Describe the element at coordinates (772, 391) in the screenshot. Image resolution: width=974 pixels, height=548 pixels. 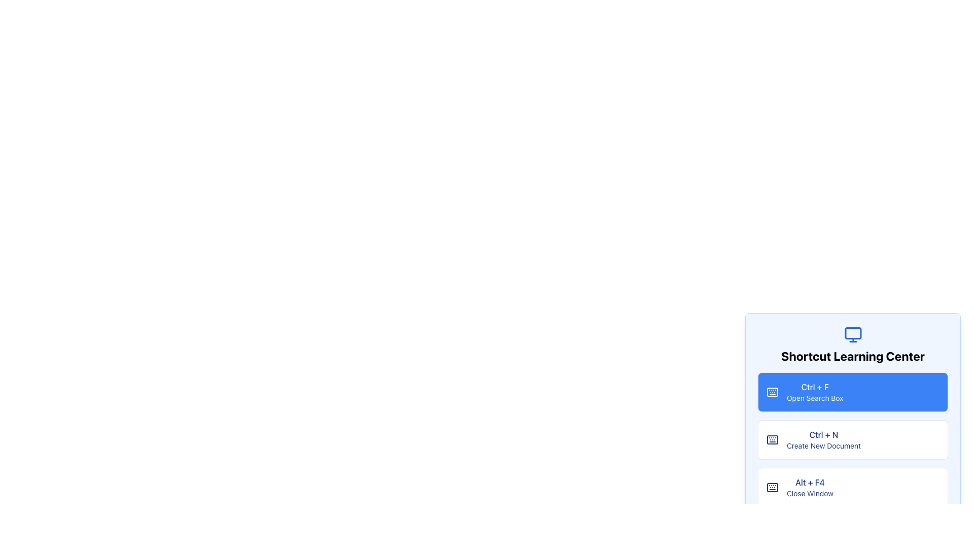
I see `the rounded rectangle element styled in blue located within the keyboard icon in the top right corner of the 'Shortcut Learning Center' area` at that location.